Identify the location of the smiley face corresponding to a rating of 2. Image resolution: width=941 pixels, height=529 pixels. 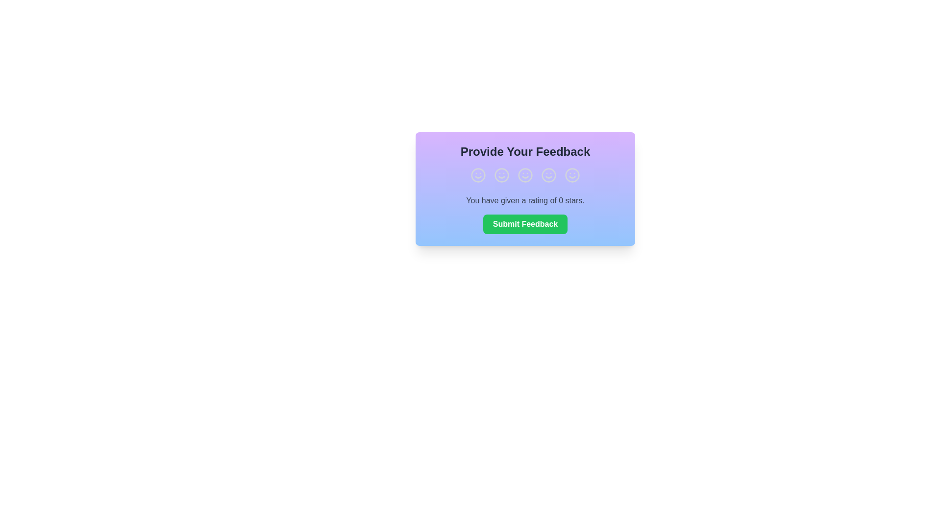
(501, 175).